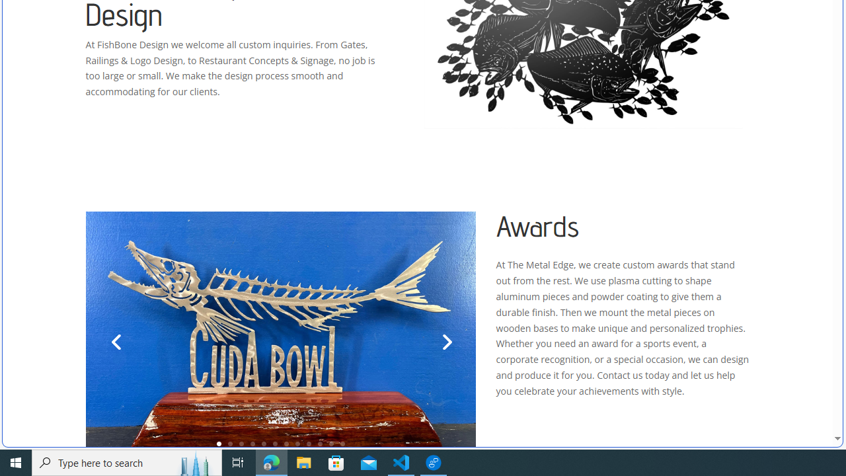 Image resolution: width=846 pixels, height=476 pixels. Describe the element at coordinates (342, 444) in the screenshot. I see `'12'` at that location.